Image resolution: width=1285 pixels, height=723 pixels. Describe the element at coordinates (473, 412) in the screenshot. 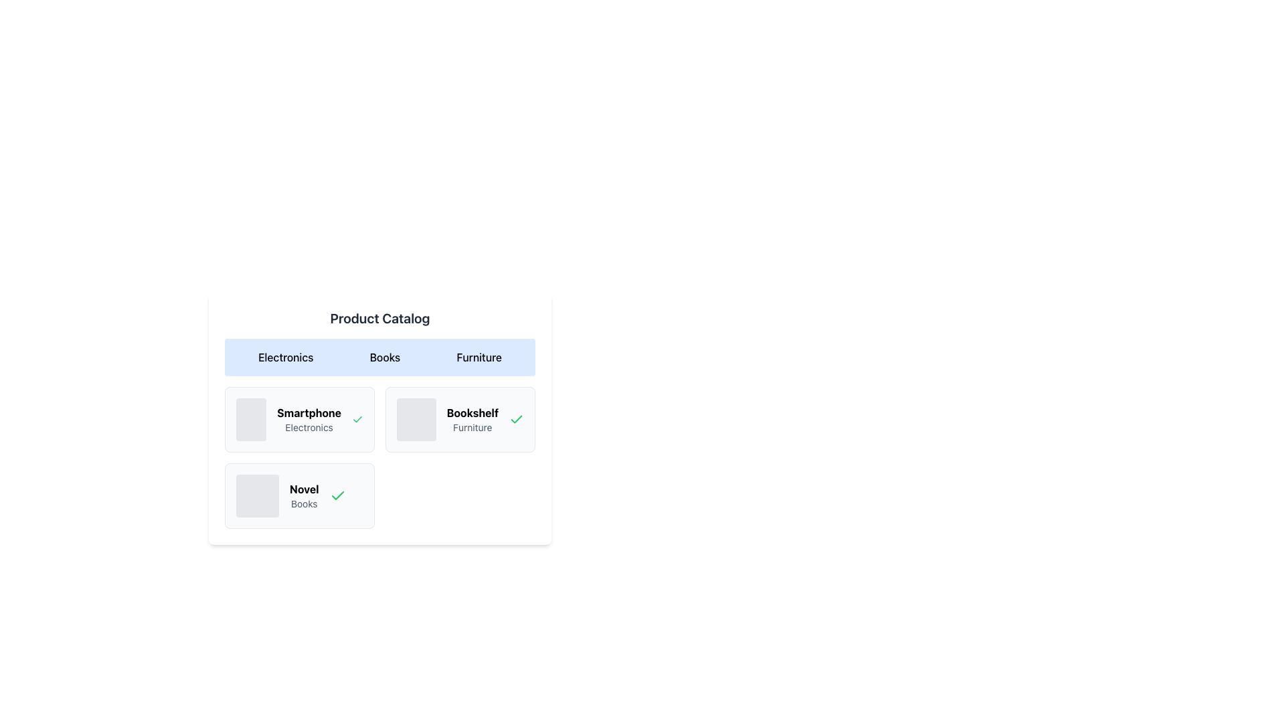

I see `the bold text label 'Bookshelf' which is positioned above the subtitle 'Furniture' in the card interface, located in the second row of the grid layout` at that location.